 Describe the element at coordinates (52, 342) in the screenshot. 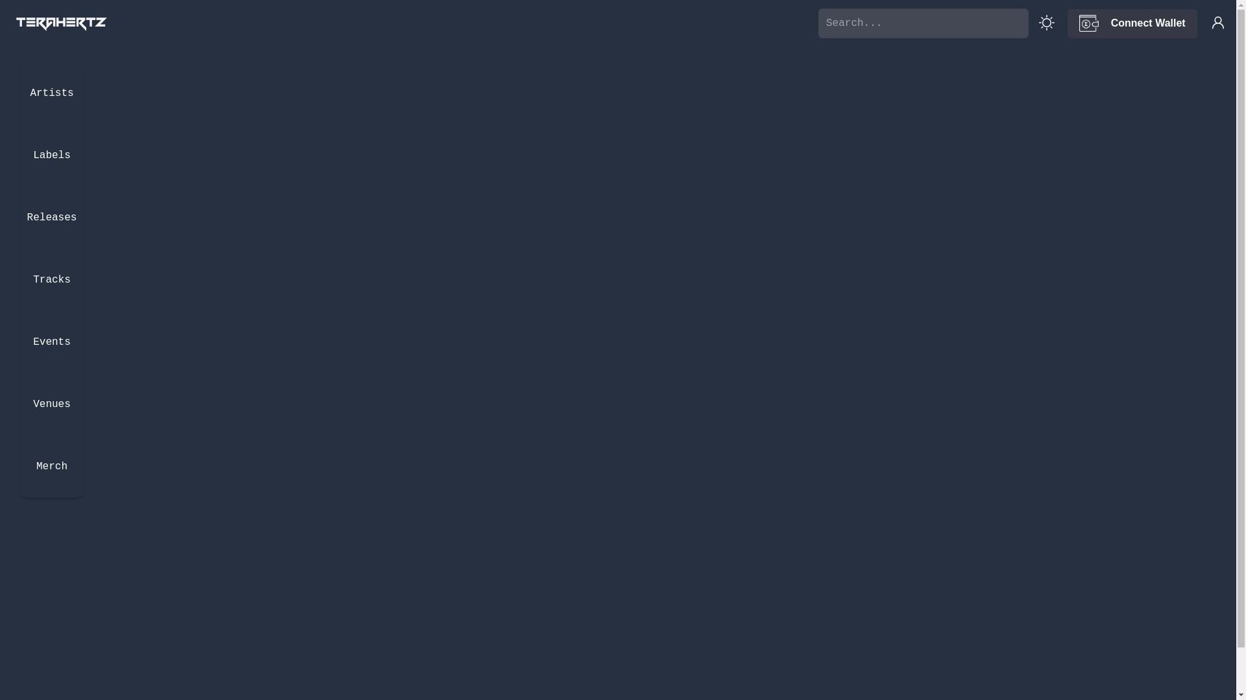

I see `'Events'` at that location.